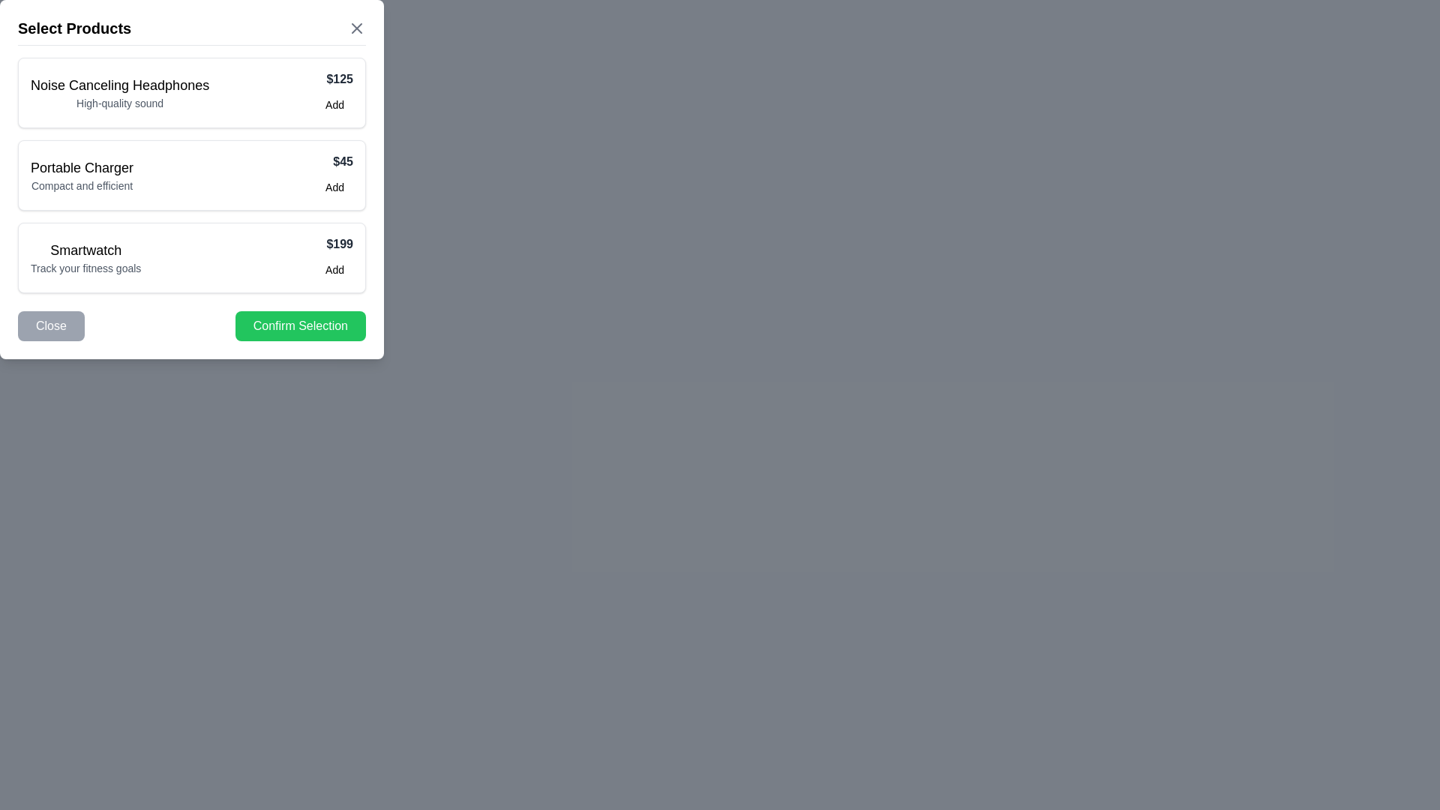 The image size is (1440, 810). What do you see at coordinates (334, 92) in the screenshot?
I see `the 'Add' button located below the price of '$125' in the top-right section of the 'Noise Canceling Headphones' product card` at bounding box center [334, 92].